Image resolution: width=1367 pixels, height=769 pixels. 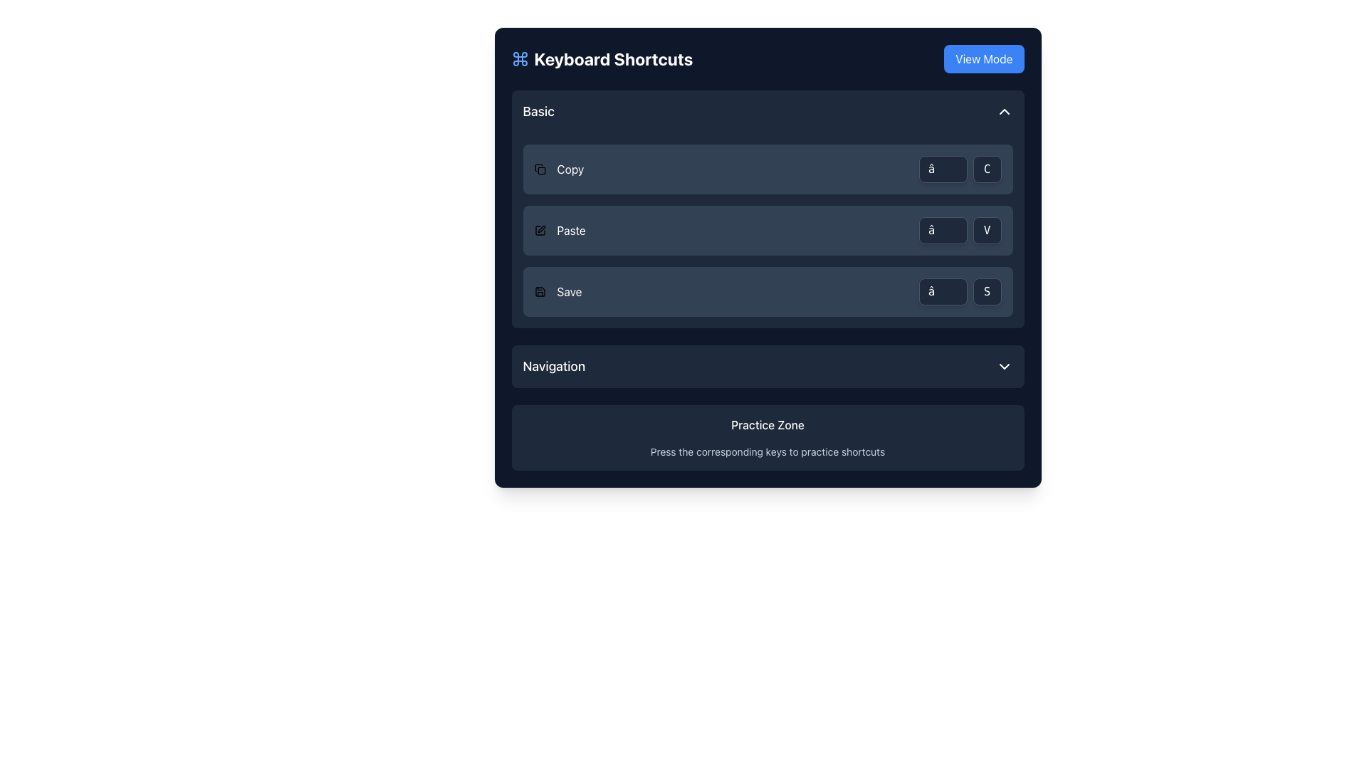 What do you see at coordinates (986, 230) in the screenshot?
I see `the square button with a dark slate background and white 'V' text, located to the right of the '⌘' button in the middle section of the keyboard shortcuts list under the 'Paste' action` at bounding box center [986, 230].